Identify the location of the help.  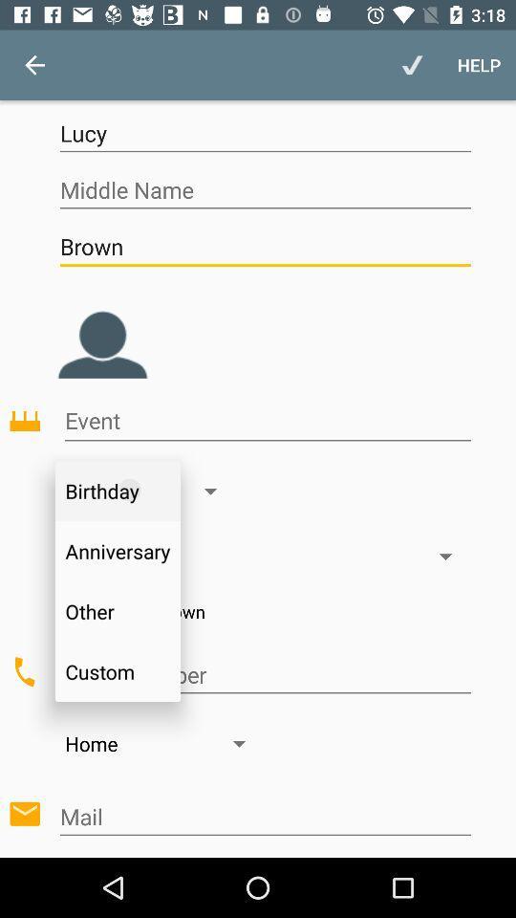
(478, 65).